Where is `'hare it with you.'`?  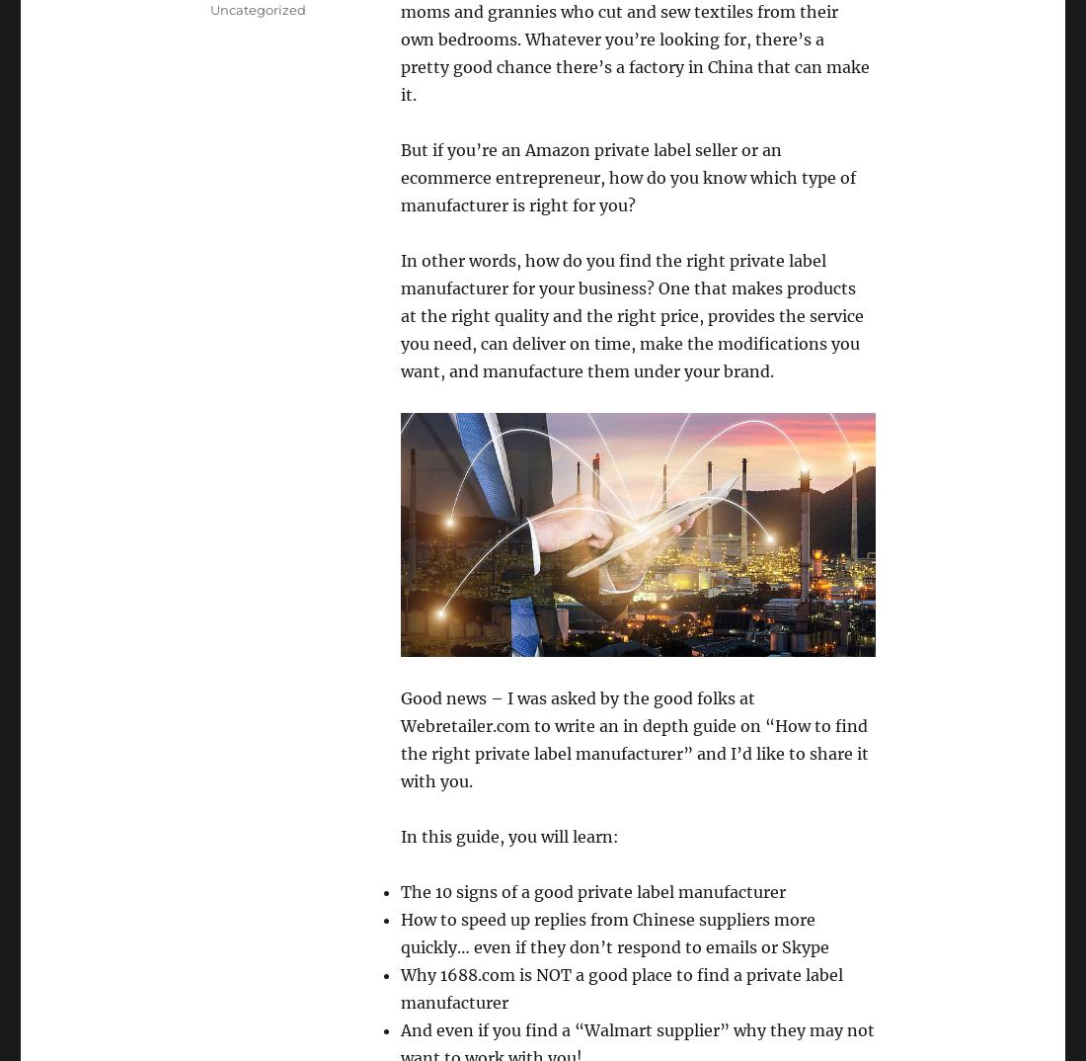
'hare it with you.' is located at coordinates (400, 765).